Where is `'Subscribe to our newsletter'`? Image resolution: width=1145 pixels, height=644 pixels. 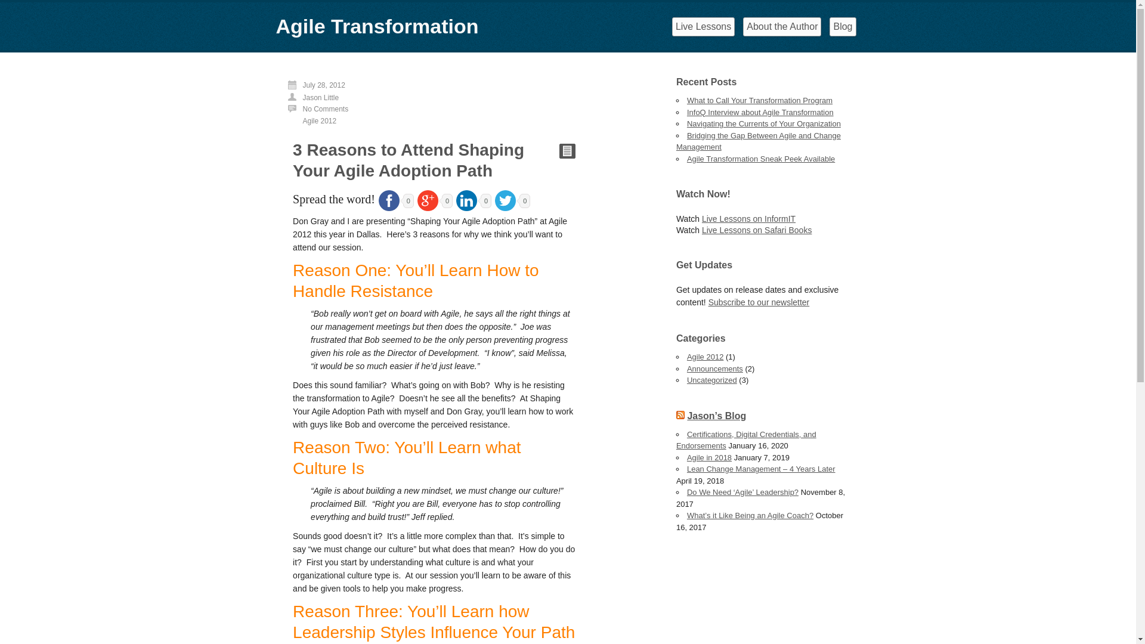 'Subscribe to our newsletter' is located at coordinates (708, 301).